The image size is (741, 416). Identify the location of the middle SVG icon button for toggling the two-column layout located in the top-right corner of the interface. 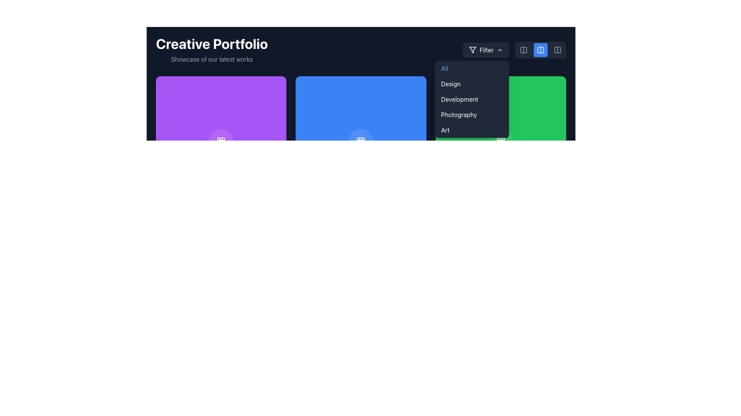
(540, 50).